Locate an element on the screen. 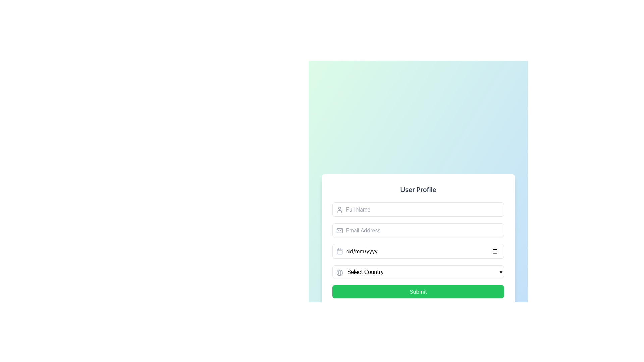 The image size is (644, 362). the Dropdown menu in the User Profile form is located at coordinates (418, 271).